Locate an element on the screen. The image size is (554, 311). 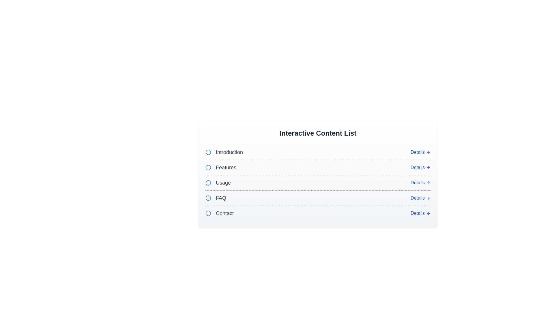
the text label reading 'FAQ' which is styled with a medium-weight font and positioned fourth in the 'Interactive Content List' is located at coordinates (216, 198).